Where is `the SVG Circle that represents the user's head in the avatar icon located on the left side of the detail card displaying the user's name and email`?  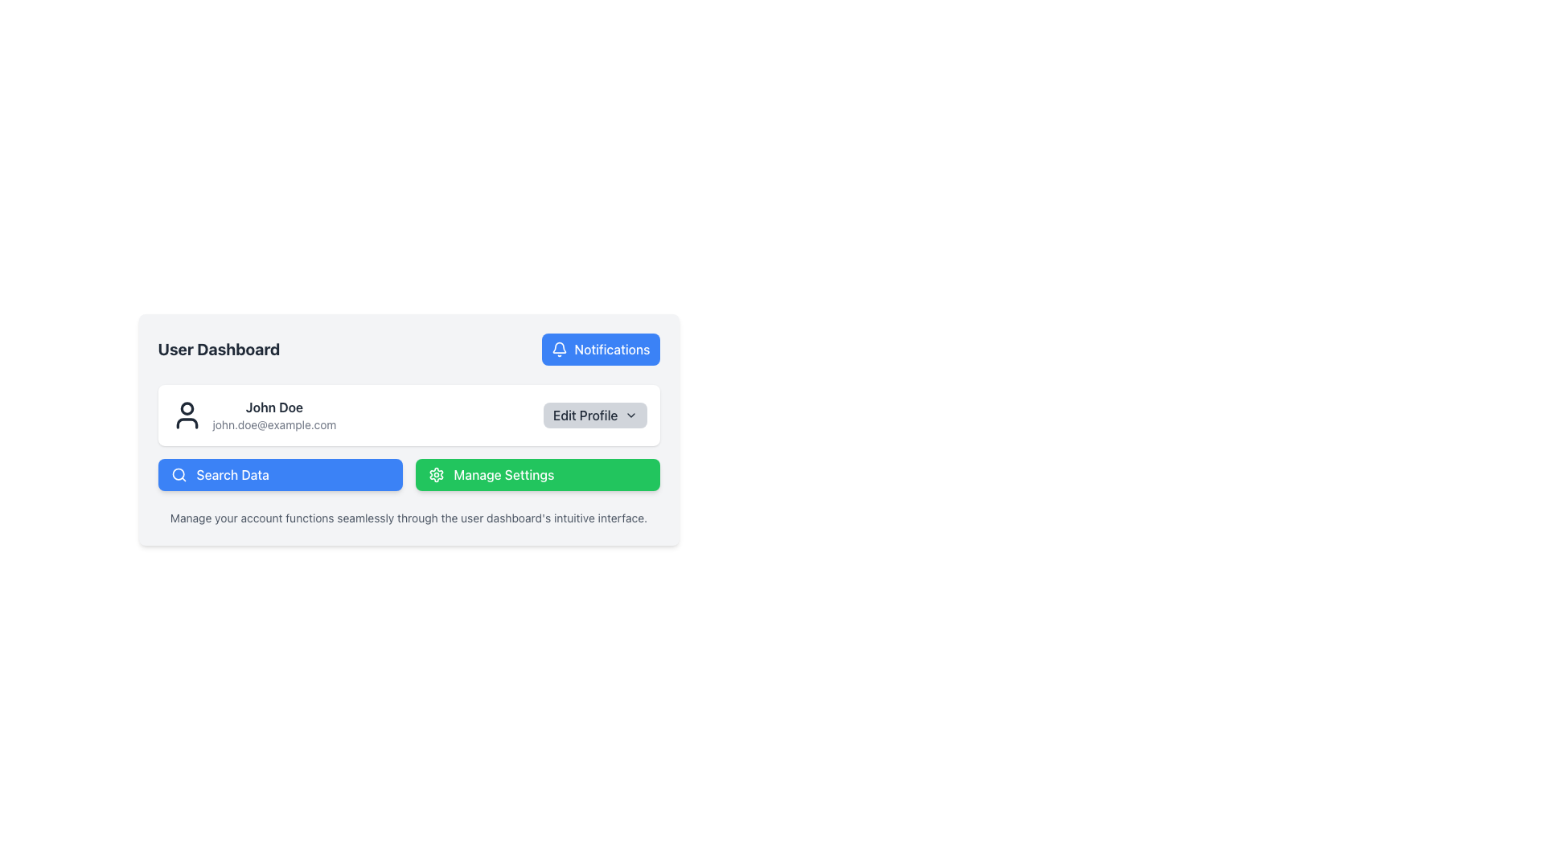
the SVG Circle that represents the user's head in the avatar icon located on the left side of the detail card displaying the user's name and email is located at coordinates (187, 407).